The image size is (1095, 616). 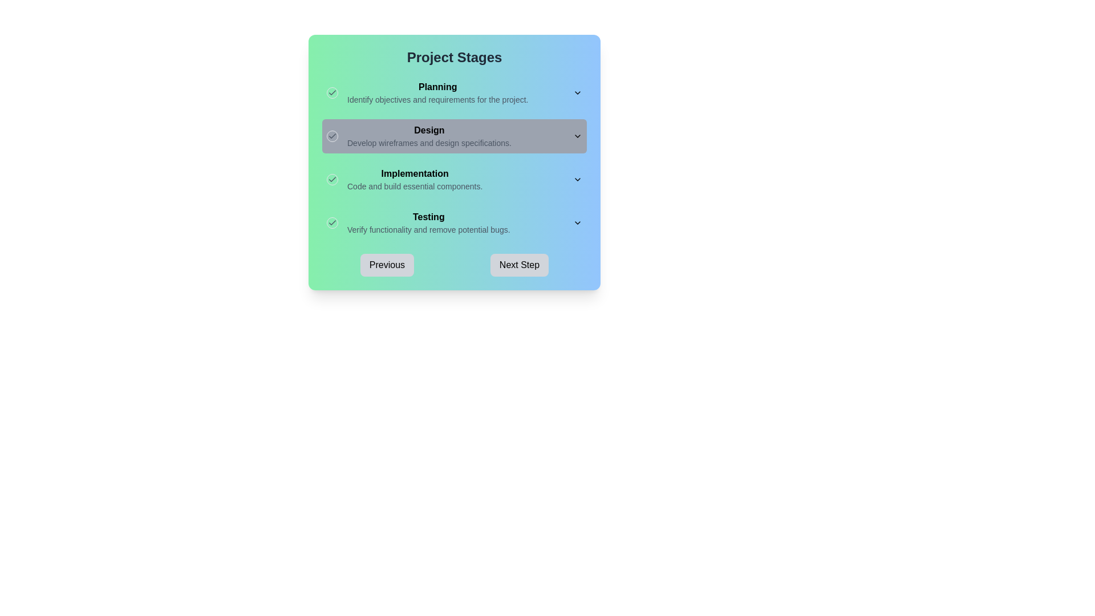 I want to click on the Text header element that serves as the title for 'Project Stages', located at the top center of the panel, so click(x=453, y=57).